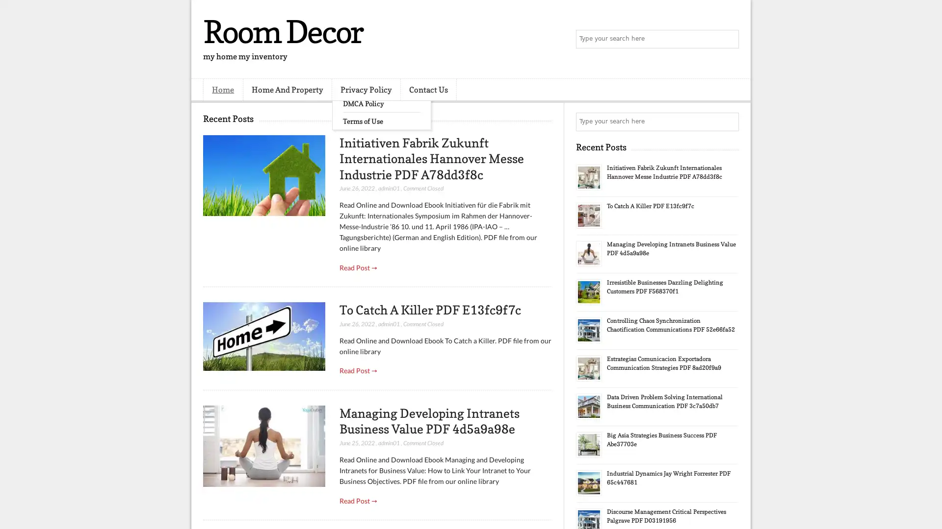 The image size is (942, 529). Describe the element at coordinates (729, 39) in the screenshot. I see `Search` at that location.